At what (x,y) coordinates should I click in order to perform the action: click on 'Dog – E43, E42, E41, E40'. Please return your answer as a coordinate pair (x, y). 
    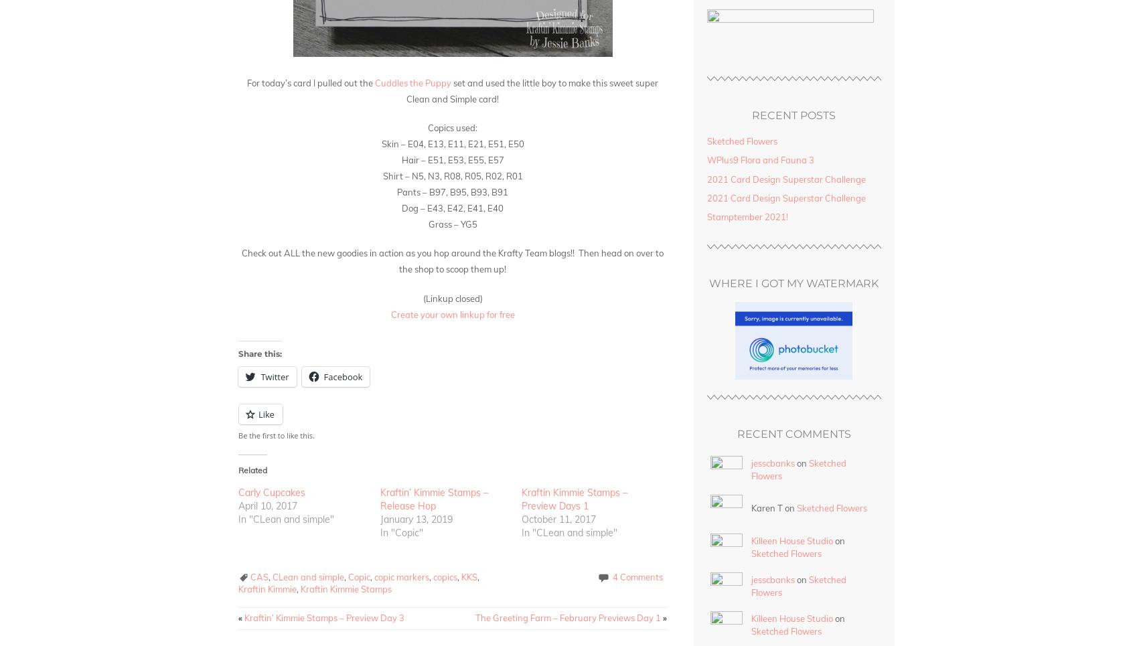
    Looking at the image, I should click on (452, 206).